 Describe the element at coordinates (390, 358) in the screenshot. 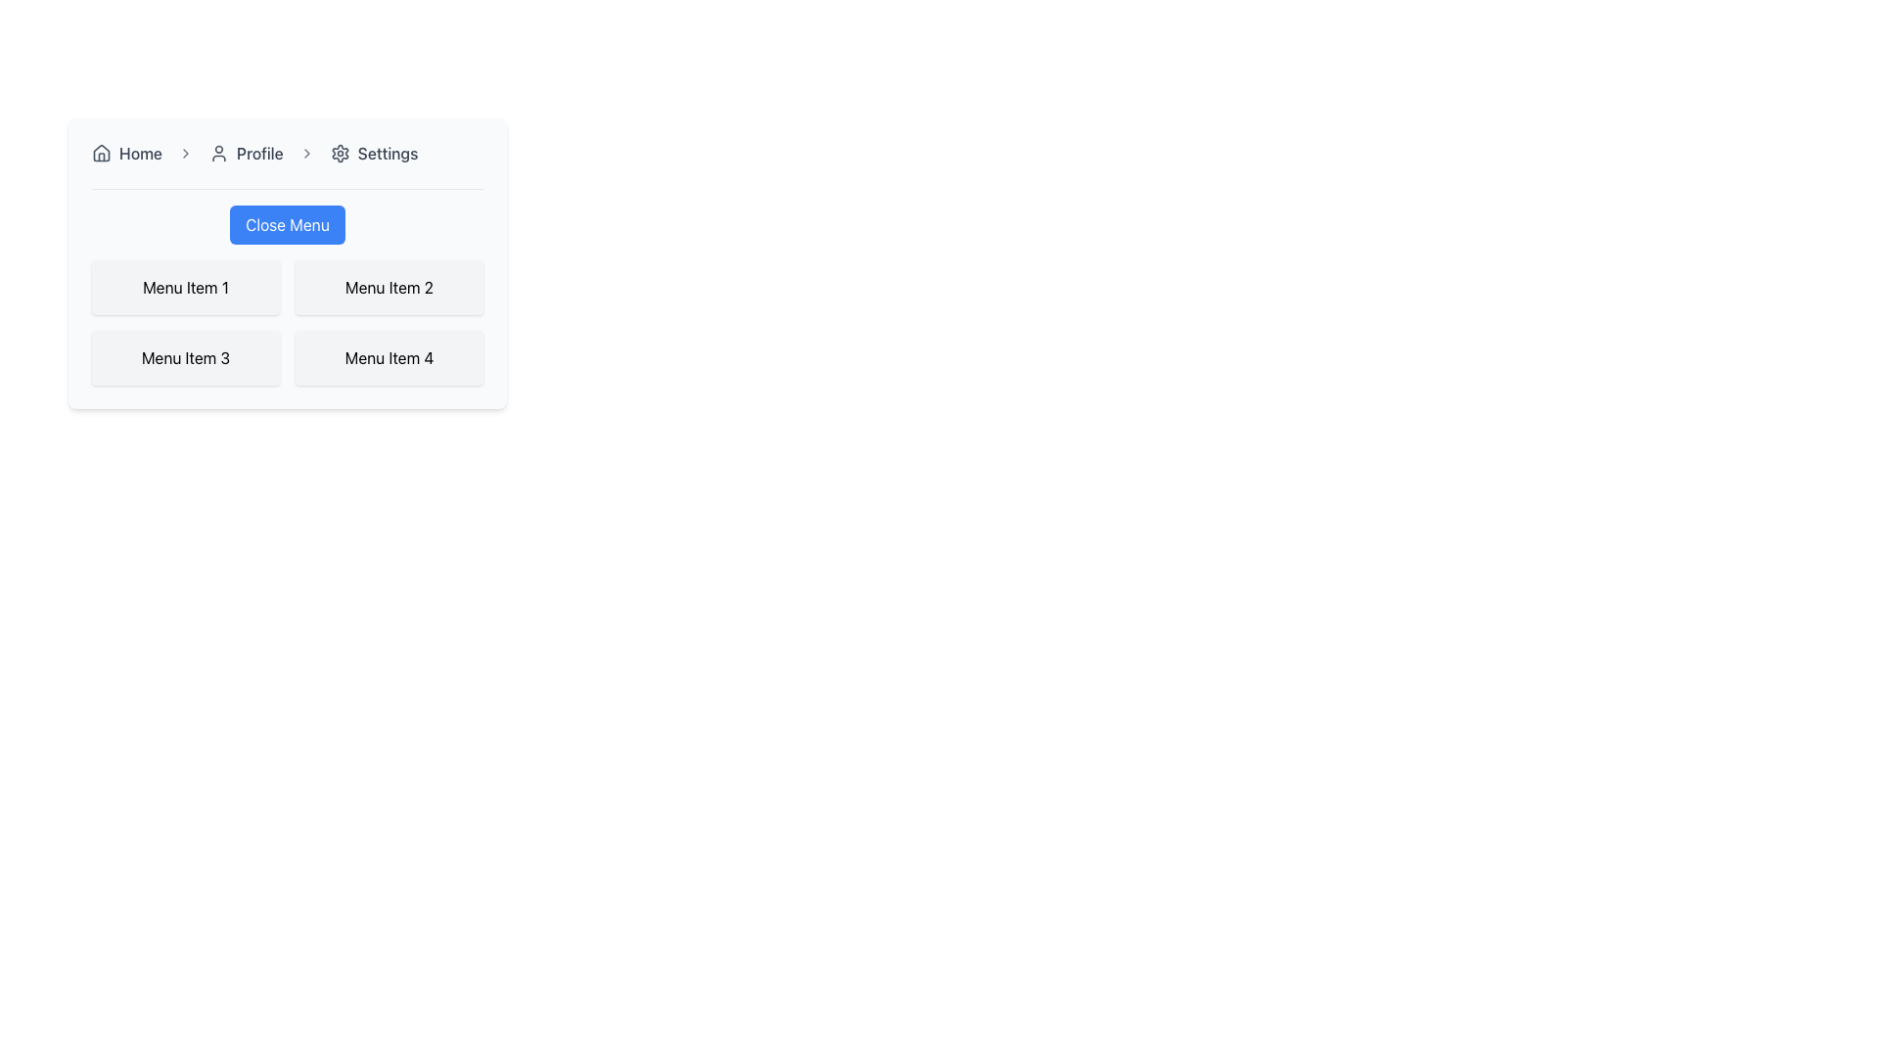

I see `the static display card labeled 'Menu Item 4', which features a light gray background and rounded corners, located in the bottom-right quadrant of the grid` at that location.